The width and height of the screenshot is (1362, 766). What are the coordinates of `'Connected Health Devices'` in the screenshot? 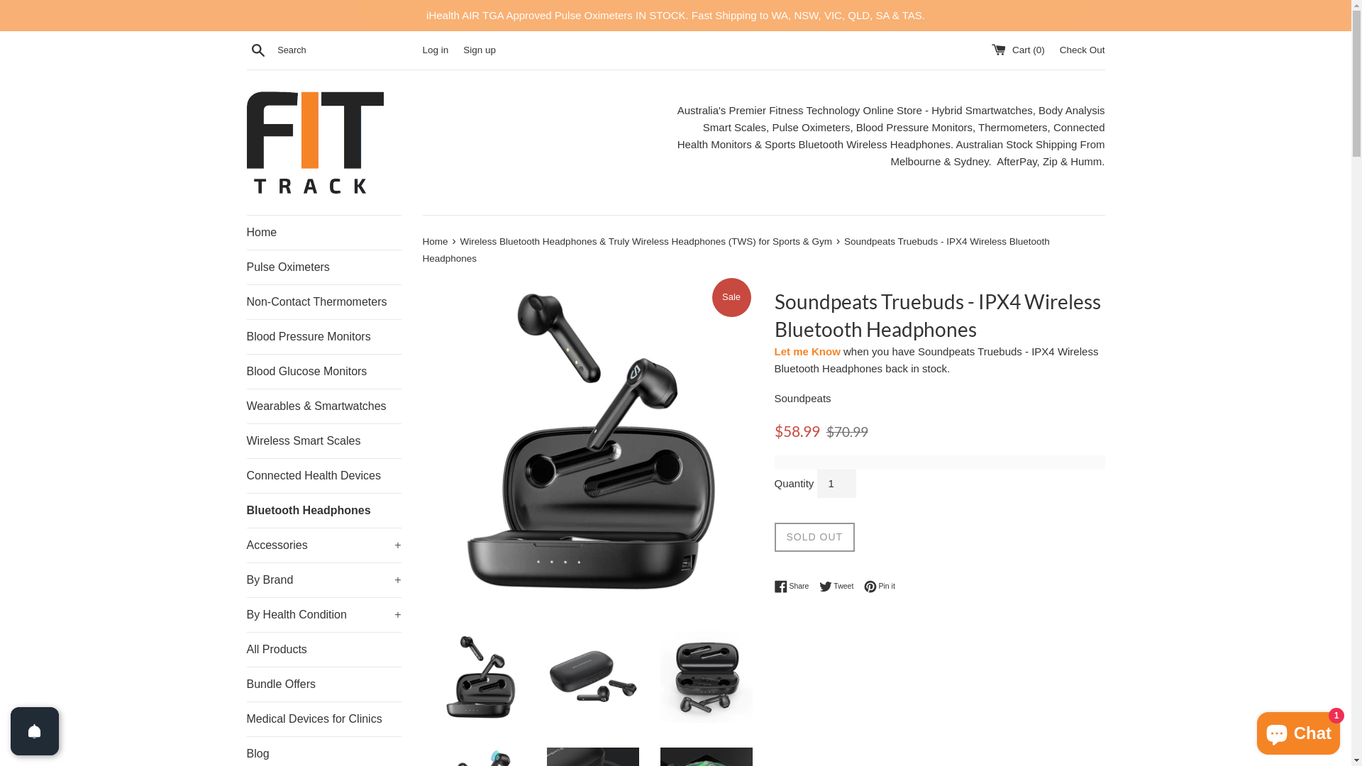 It's located at (246, 475).